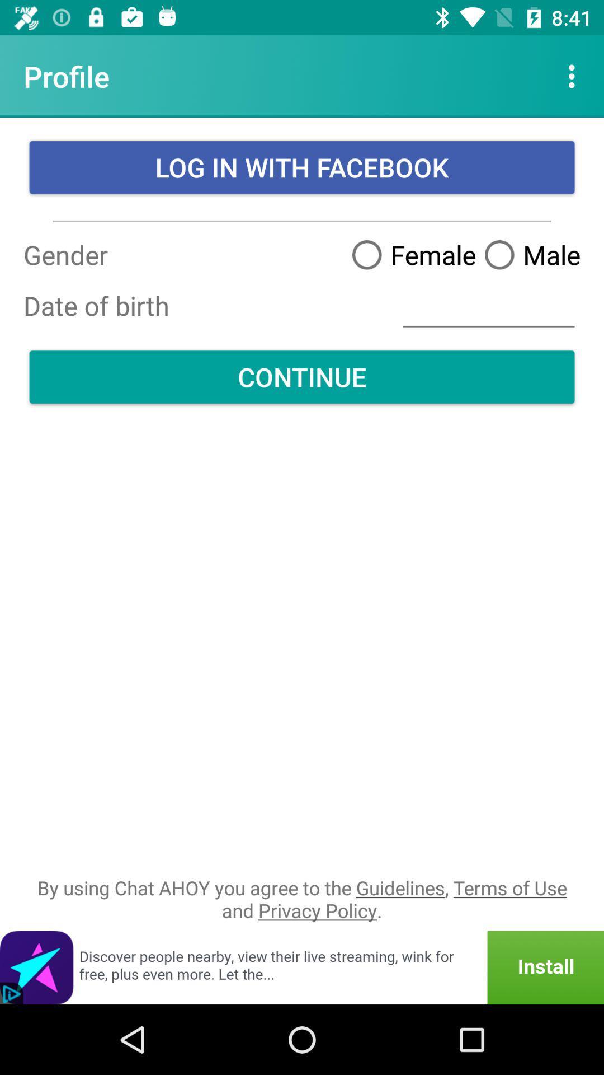  What do you see at coordinates (488, 306) in the screenshot?
I see `the item below female item` at bounding box center [488, 306].